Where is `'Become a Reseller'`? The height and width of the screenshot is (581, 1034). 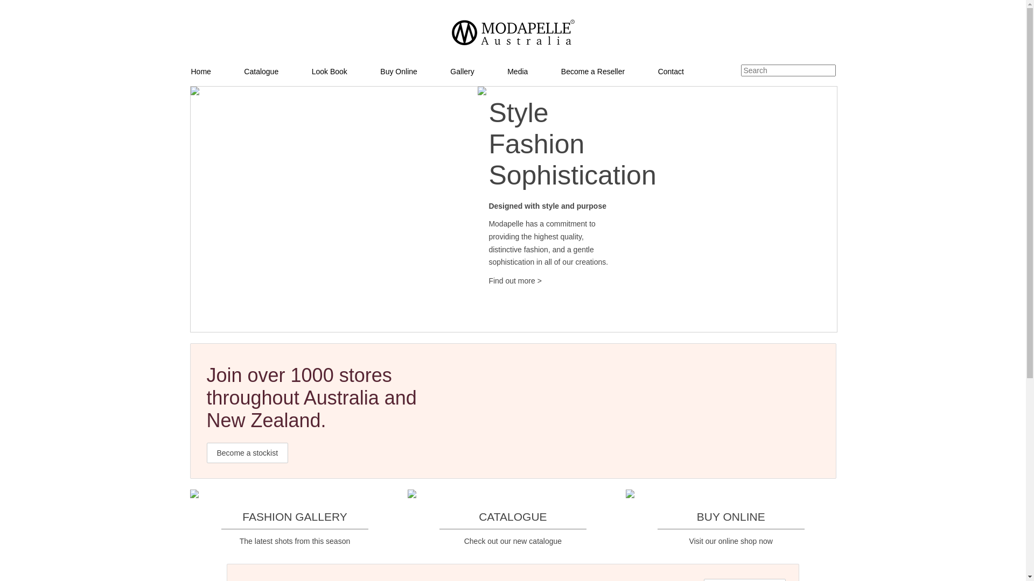
'Become a Reseller' is located at coordinates (609, 71).